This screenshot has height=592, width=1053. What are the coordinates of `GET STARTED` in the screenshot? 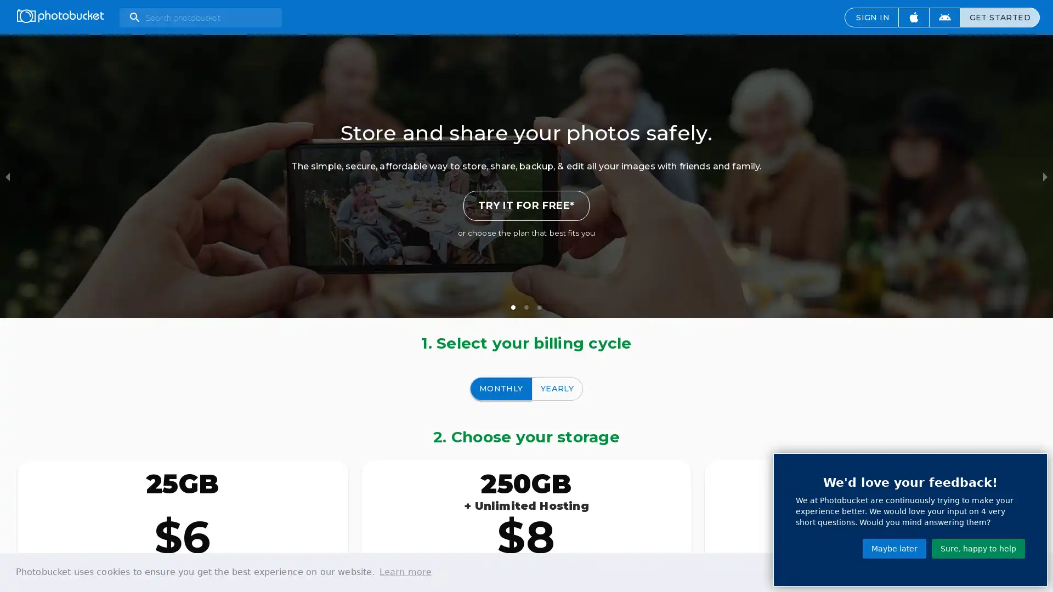 It's located at (1000, 17).